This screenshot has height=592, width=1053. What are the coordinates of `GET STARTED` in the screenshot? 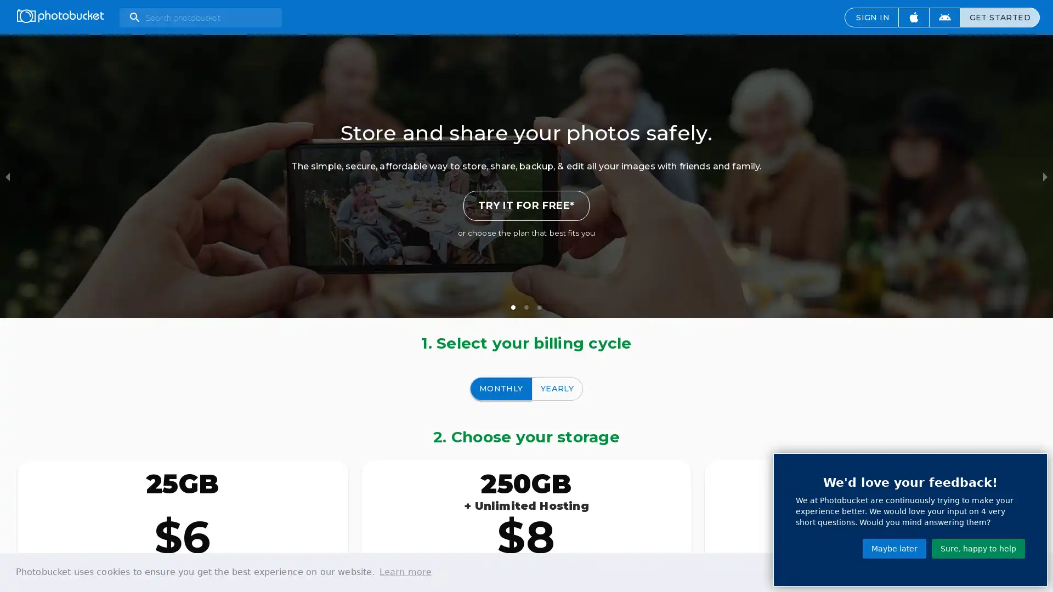 It's located at (1000, 17).